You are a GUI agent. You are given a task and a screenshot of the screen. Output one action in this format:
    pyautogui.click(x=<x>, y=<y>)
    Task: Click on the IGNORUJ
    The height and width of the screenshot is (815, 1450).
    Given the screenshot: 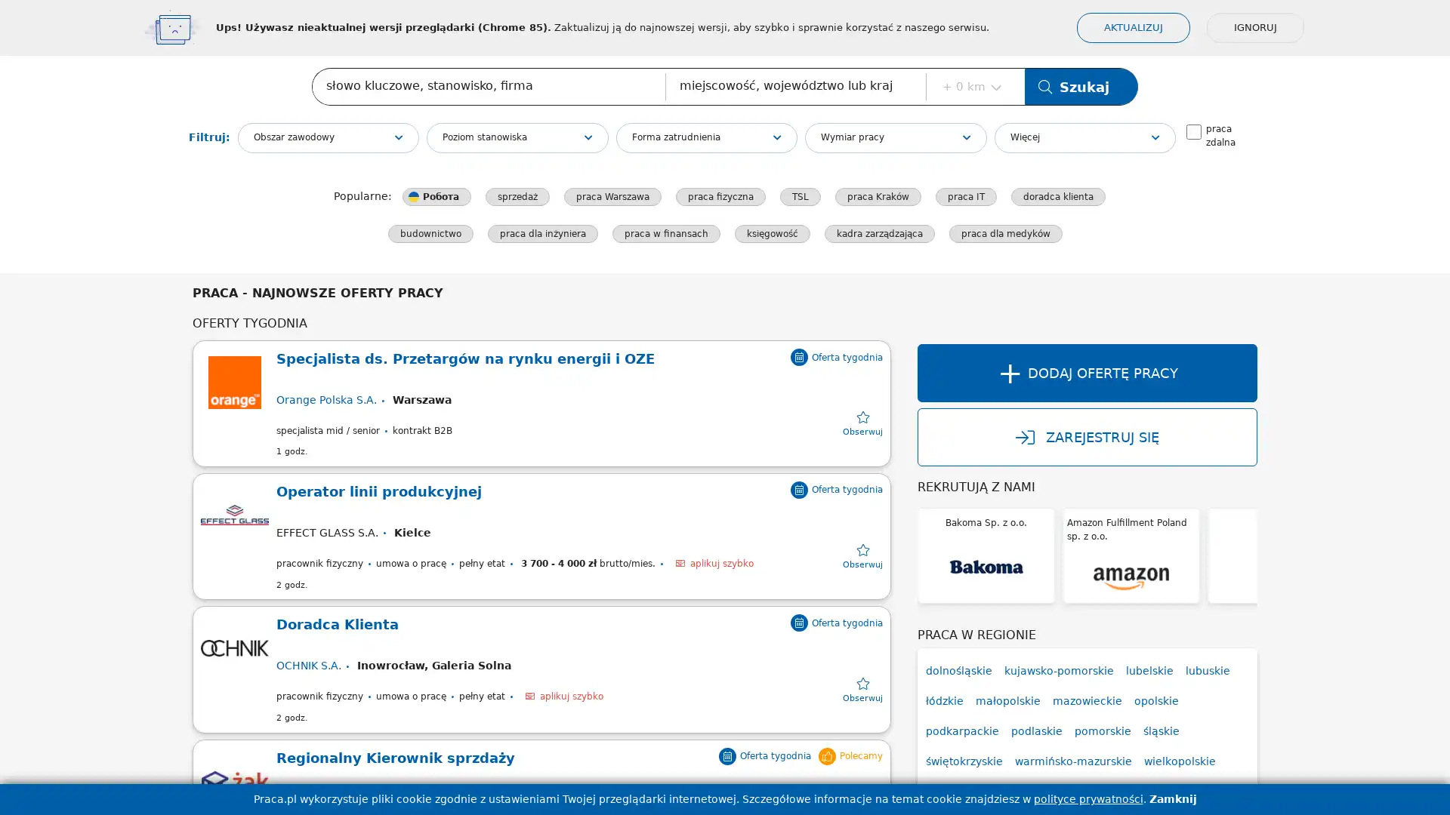 What is the action you would take?
    pyautogui.click(x=1255, y=26)
    